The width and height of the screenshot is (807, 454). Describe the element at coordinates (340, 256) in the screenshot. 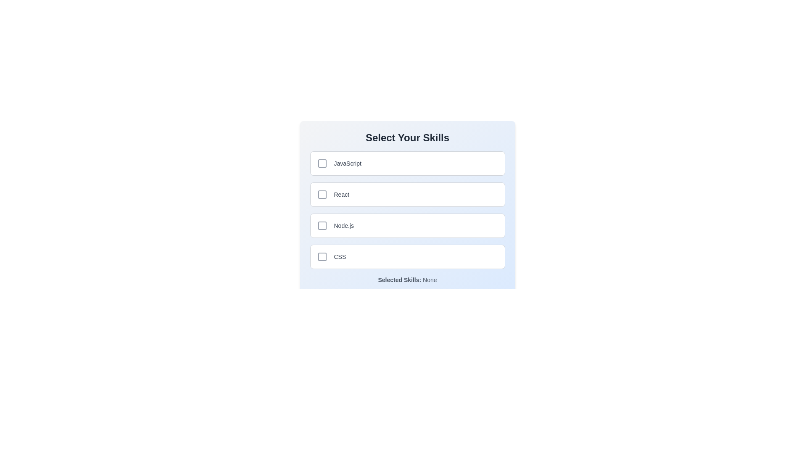

I see `the text label that describes the selectable skill in the interactive skill-selection interface, which is the fourth item in the list and positioned on the far-right side next to a square icon` at that location.